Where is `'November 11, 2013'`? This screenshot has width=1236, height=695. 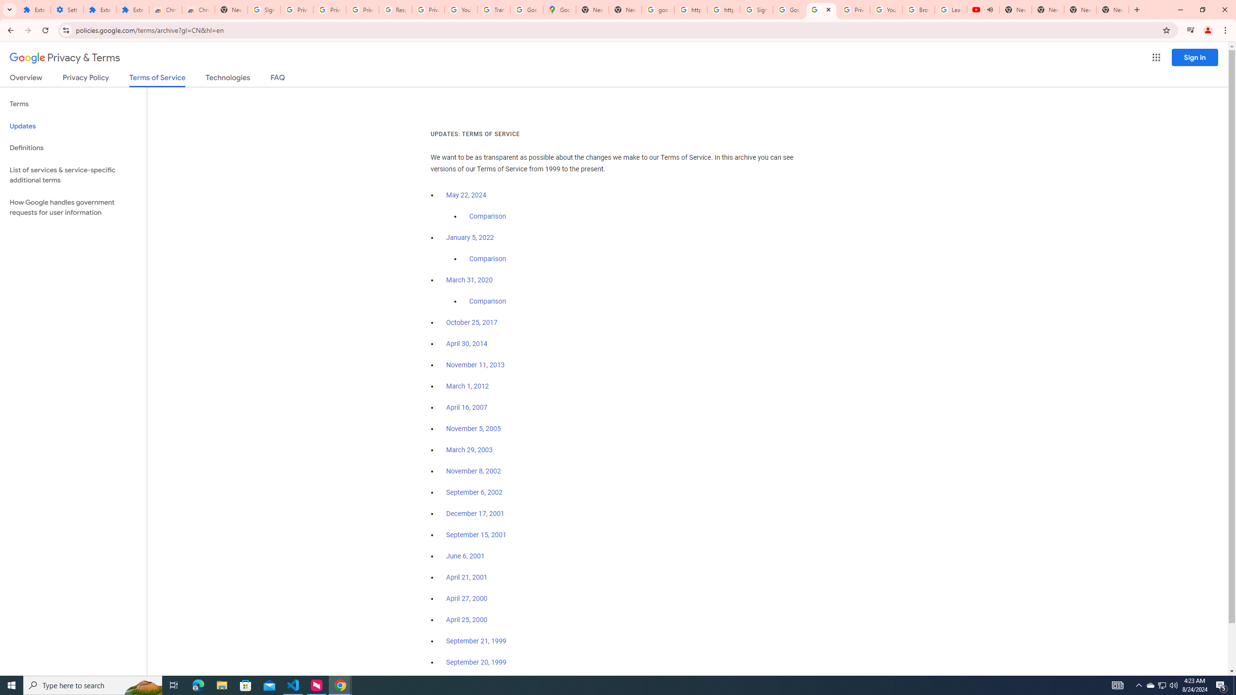
'November 11, 2013' is located at coordinates (476, 364).